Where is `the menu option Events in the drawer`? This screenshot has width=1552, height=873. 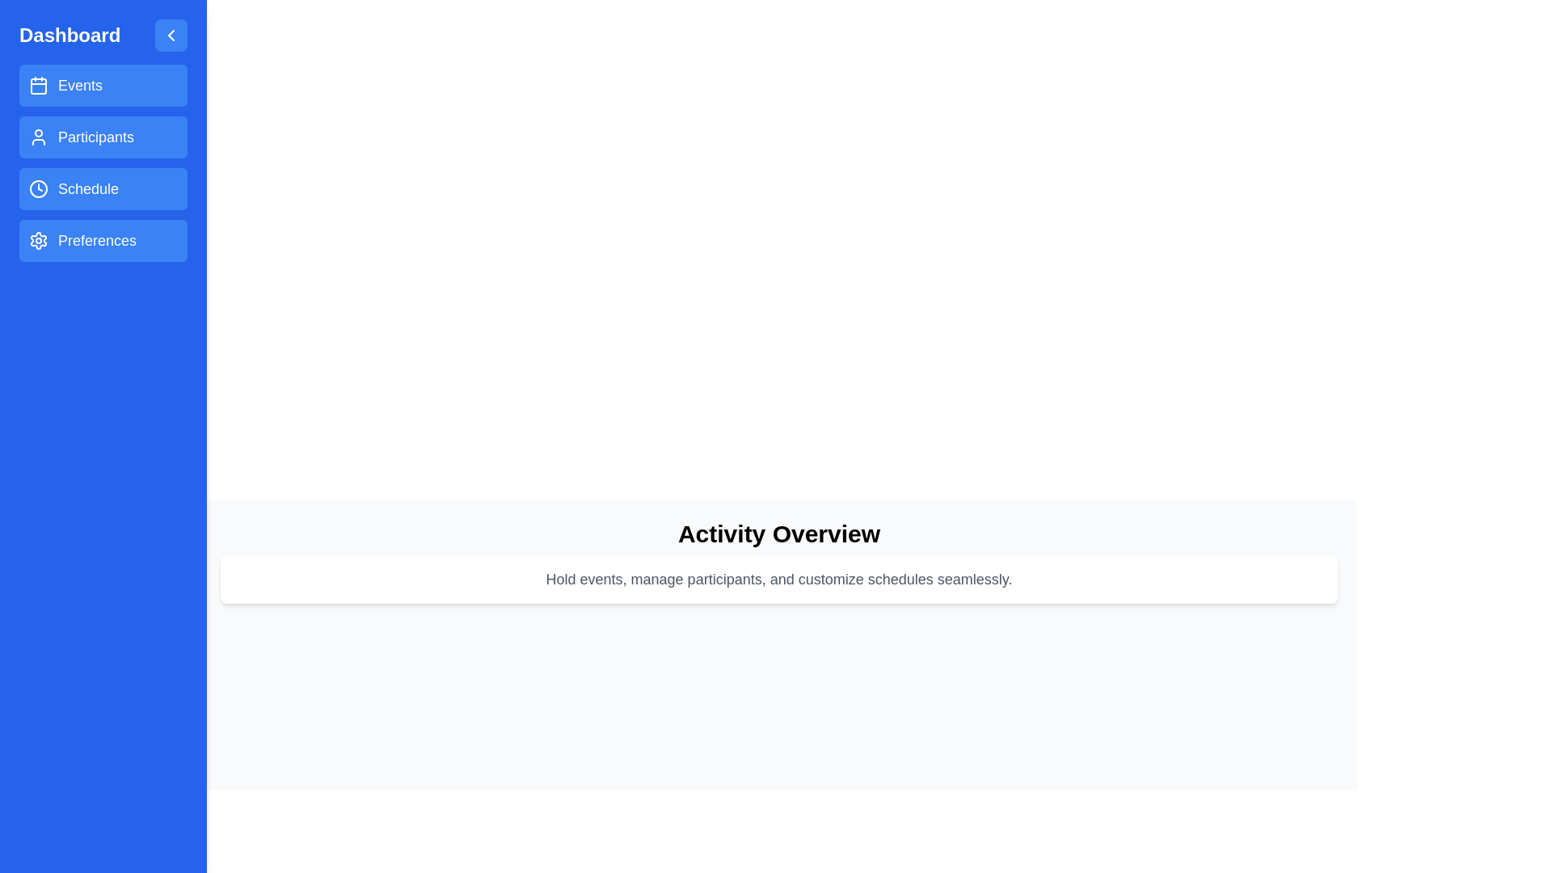 the menu option Events in the drawer is located at coordinates (103, 85).